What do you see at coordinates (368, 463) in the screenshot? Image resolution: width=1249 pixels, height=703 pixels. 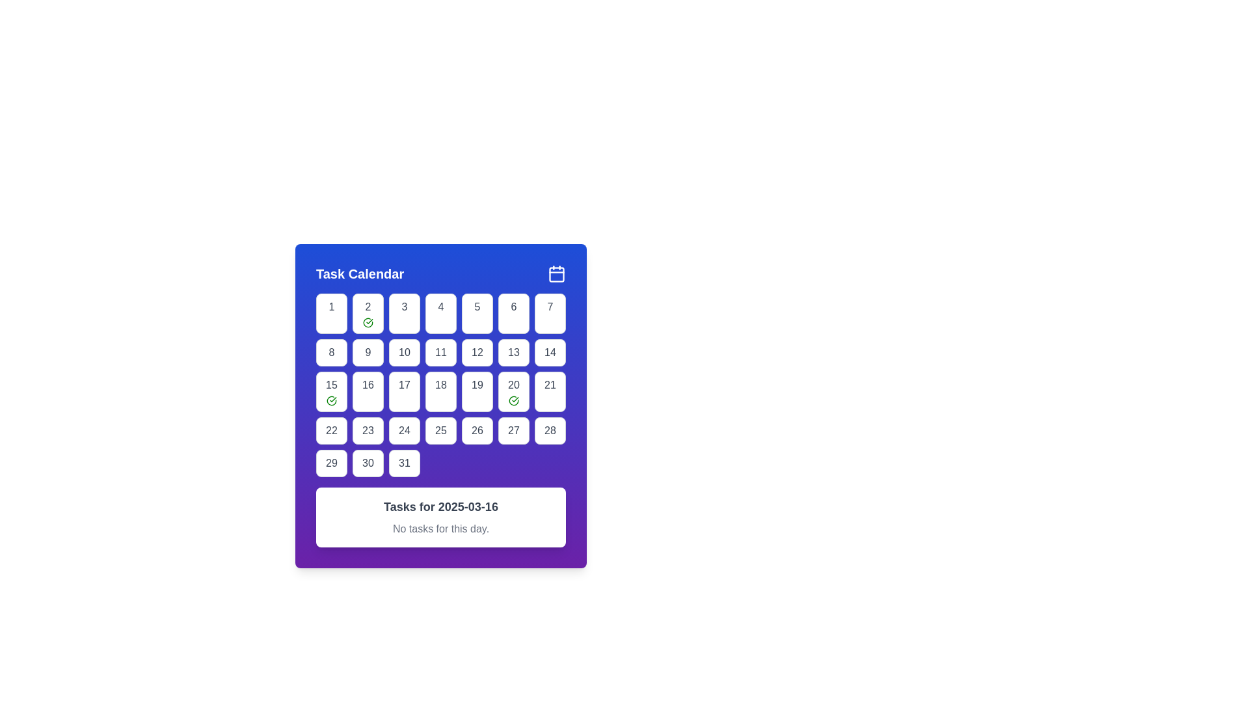 I see `the calendar day cell displaying the number '30', which is styled with a white background and gray centered text, to focus the element` at bounding box center [368, 463].